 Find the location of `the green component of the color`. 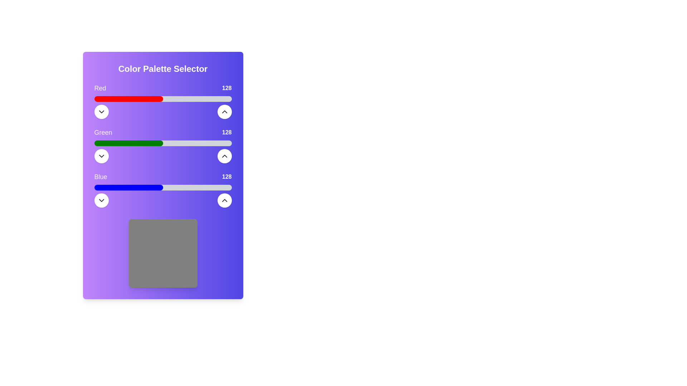

the green component of the color is located at coordinates (130, 143).